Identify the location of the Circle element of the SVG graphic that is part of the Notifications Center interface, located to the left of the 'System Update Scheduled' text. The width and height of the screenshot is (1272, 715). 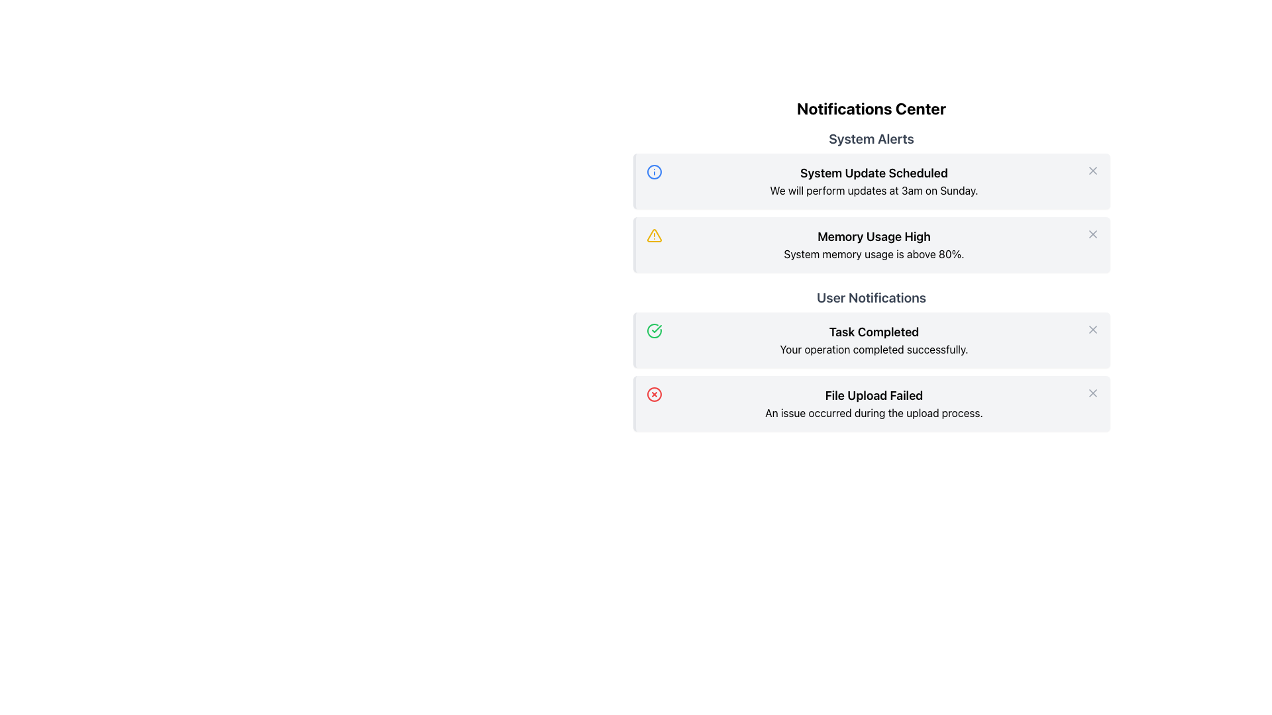
(654, 171).